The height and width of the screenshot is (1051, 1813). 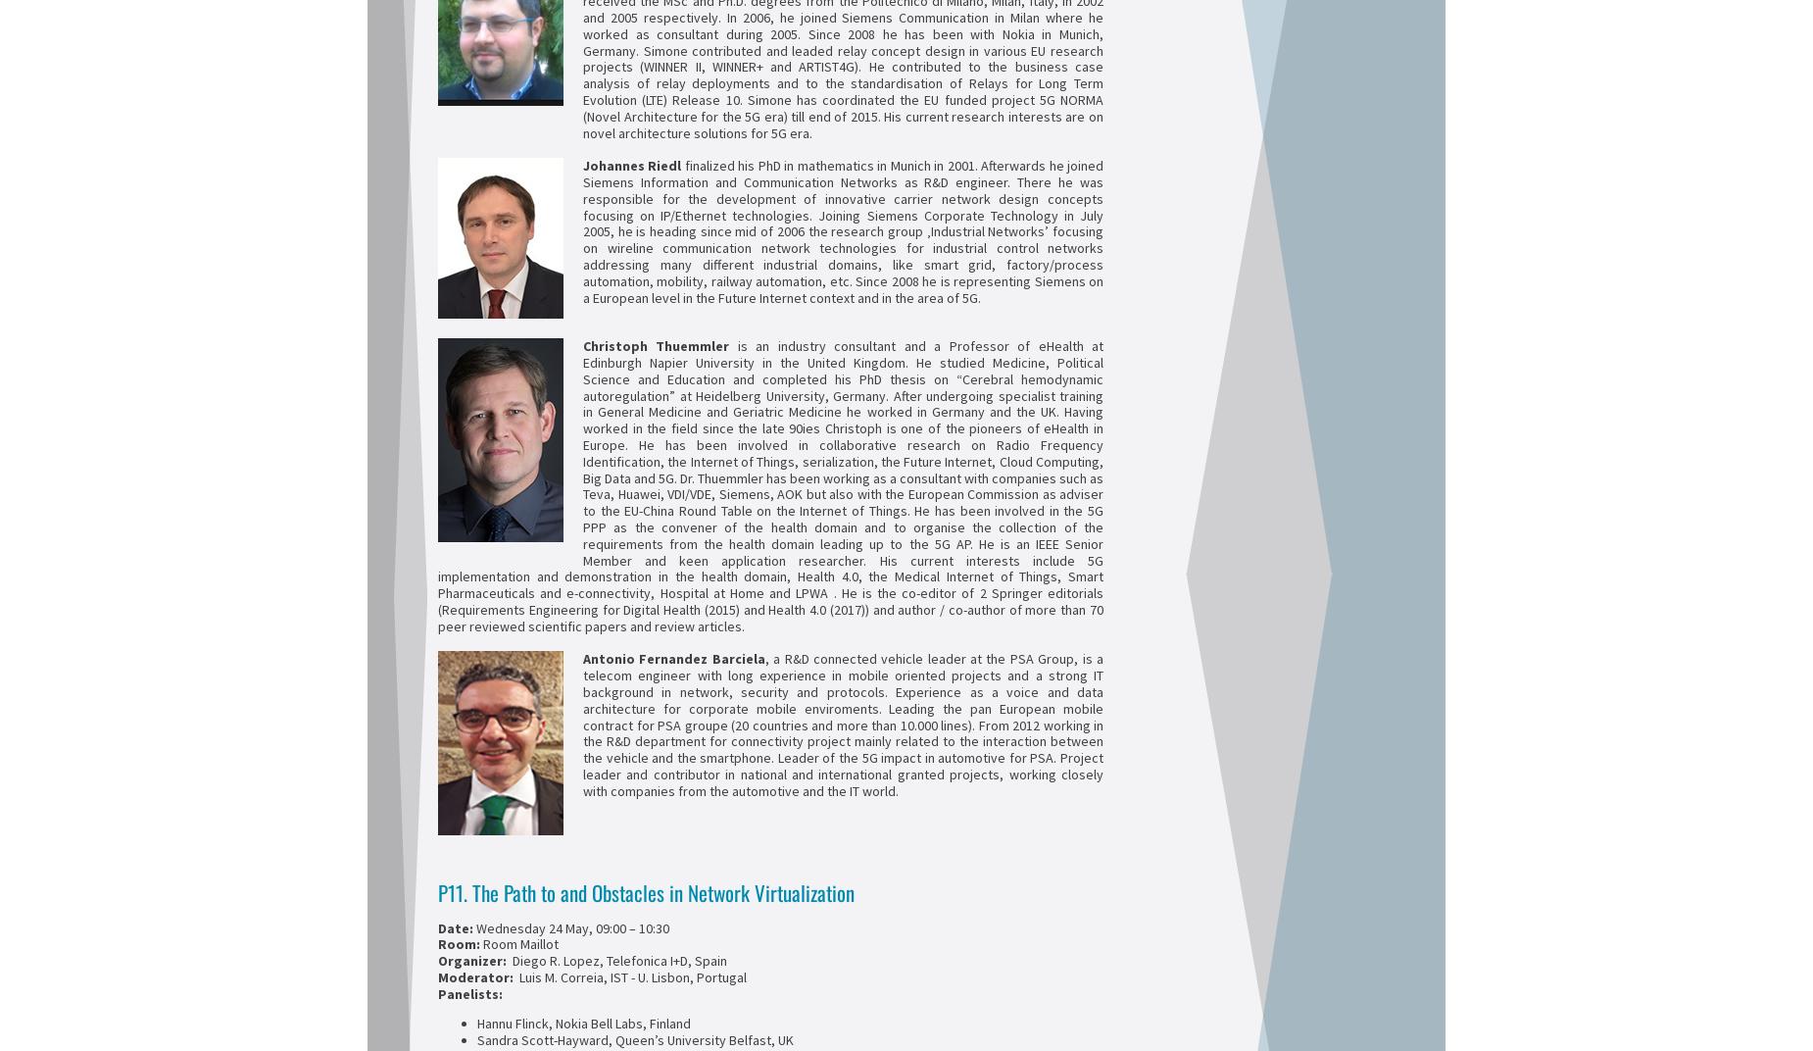 I want to click on 'Wednesday 24 May, 09:00 – 10:30', so click(x=475, y=926).